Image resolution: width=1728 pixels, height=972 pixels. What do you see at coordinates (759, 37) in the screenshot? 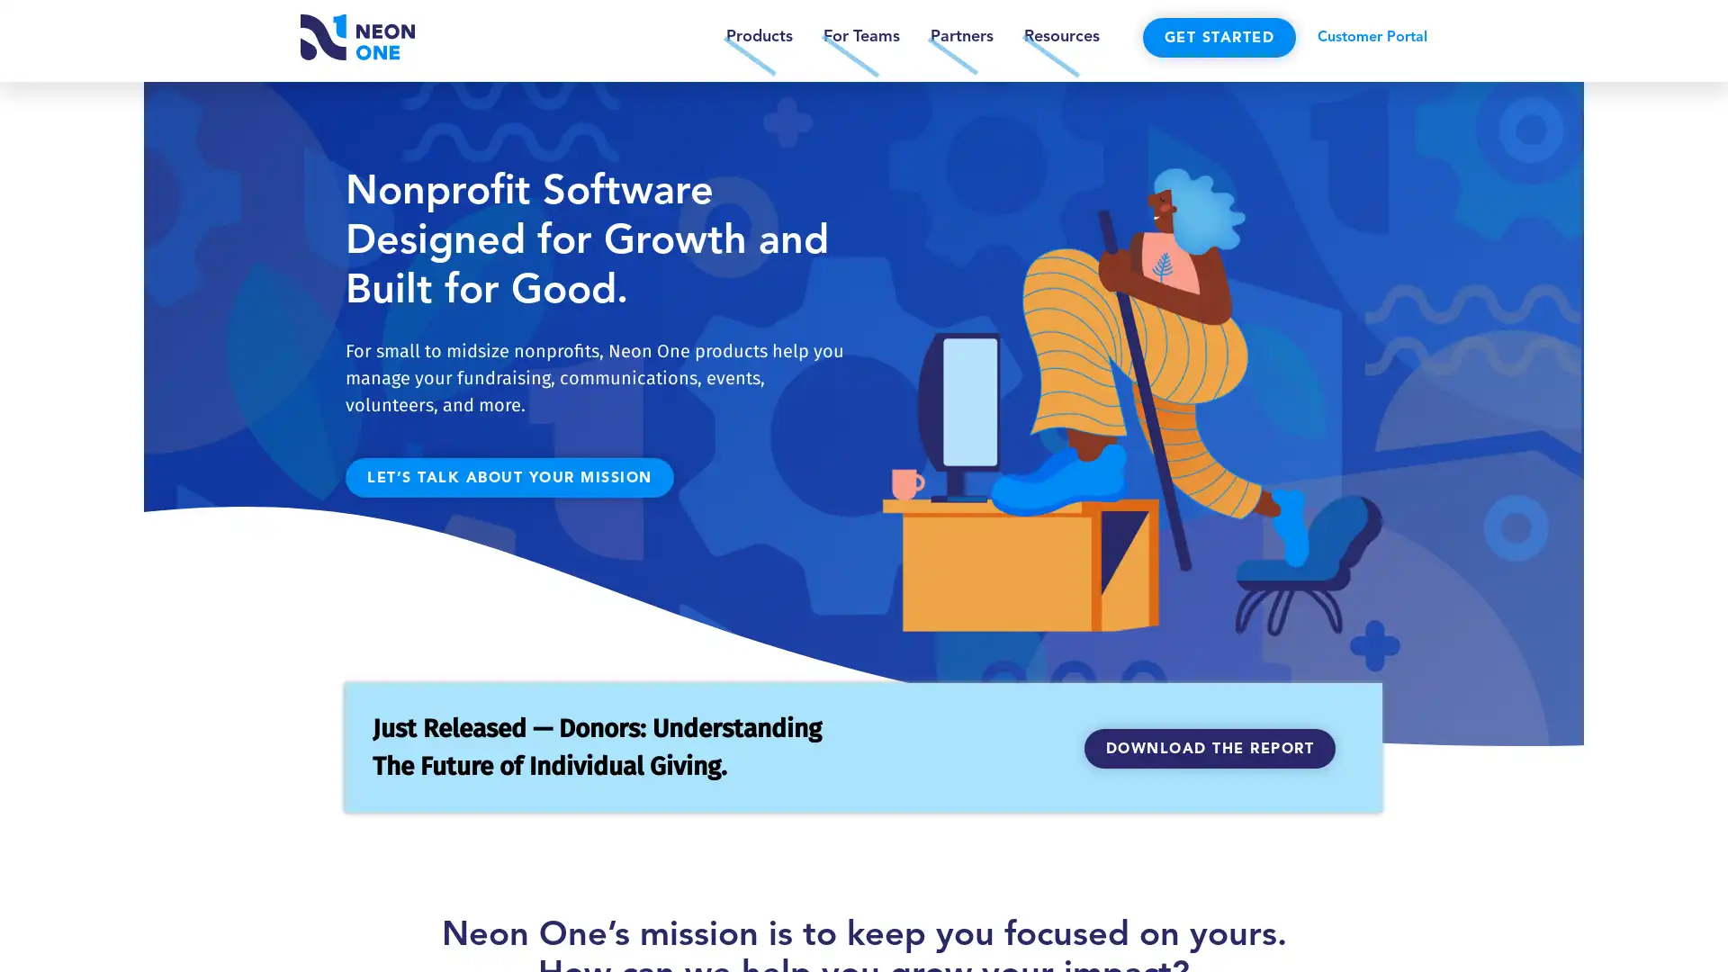
I see `Products` at bounding box center [759, 37].